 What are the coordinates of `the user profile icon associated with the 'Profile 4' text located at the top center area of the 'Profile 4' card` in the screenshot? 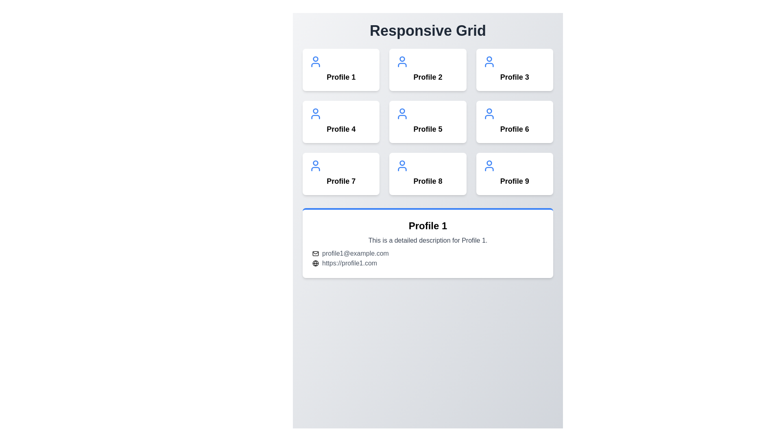 It's located at (315, 114).